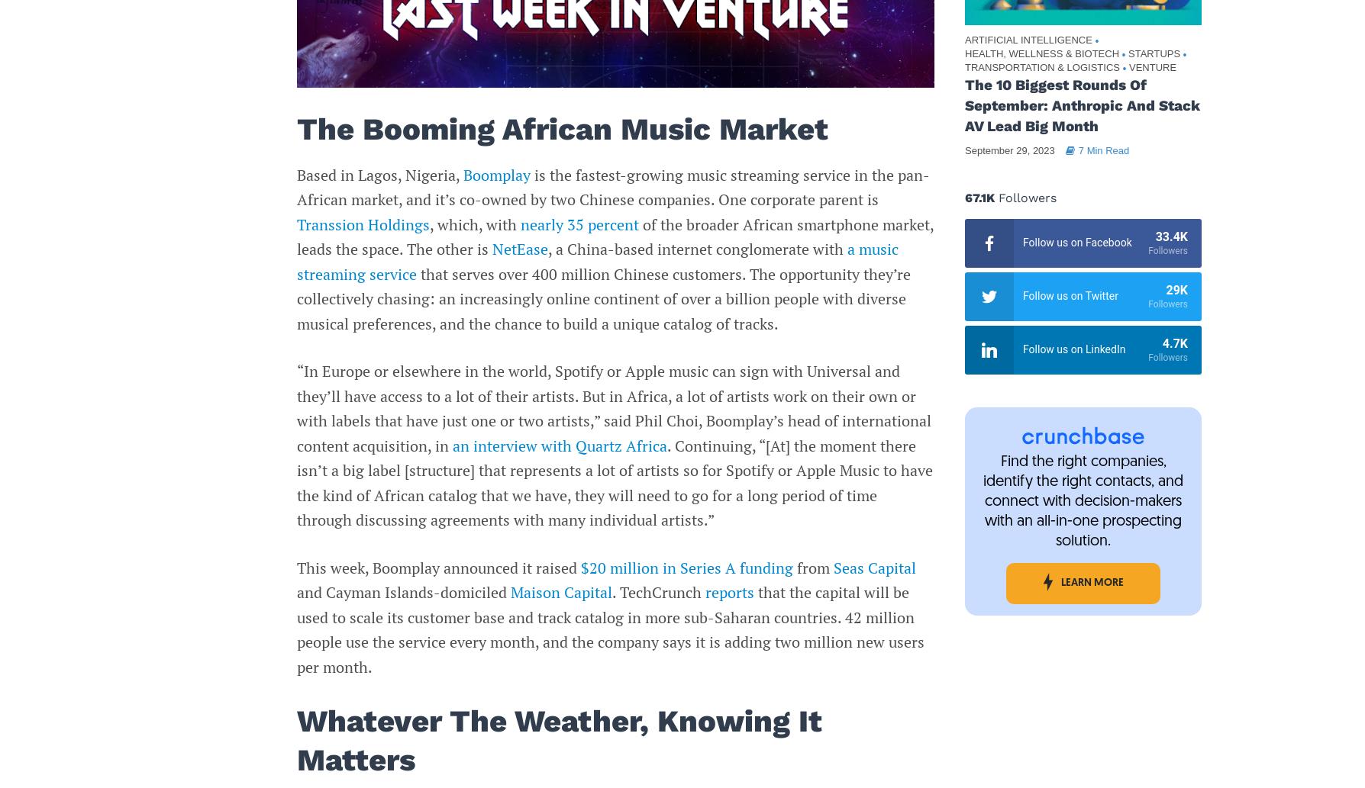 This screenshot has width=1365, height=788. Describe the element at coordinates (596, 260) in the screenshot. I see `'a music streaming service'` at that location.